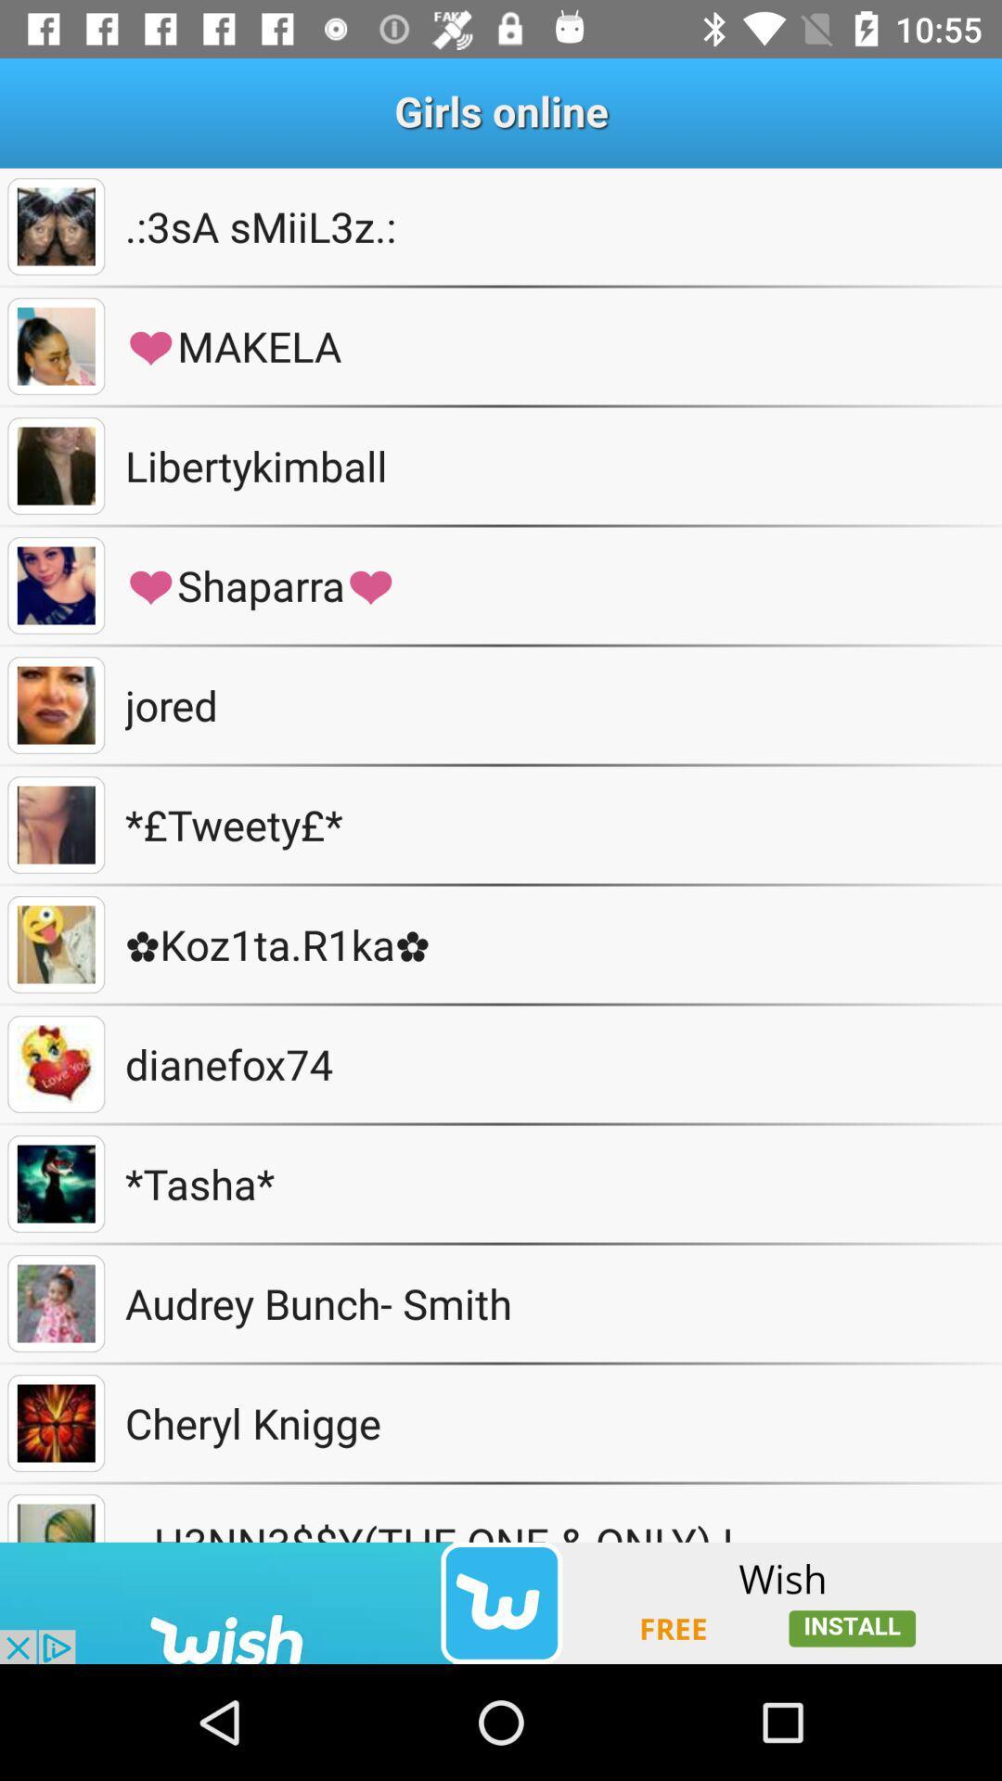  What do you see at coordinates (55, 704) in the screenshot?
I see `online button` at bounding box center [55, 704].